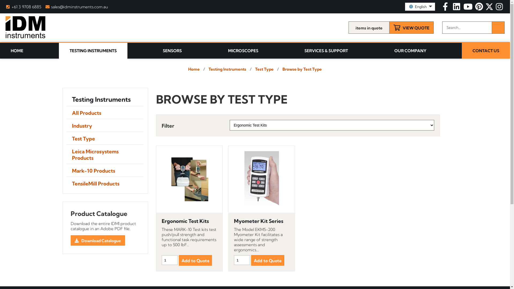 This screenshot has width=514, height=289. What do you see at coordinates (105, 154) in the screenshot?
I see `'Leica Microsystems Products'` at bounding box center [105, 154].